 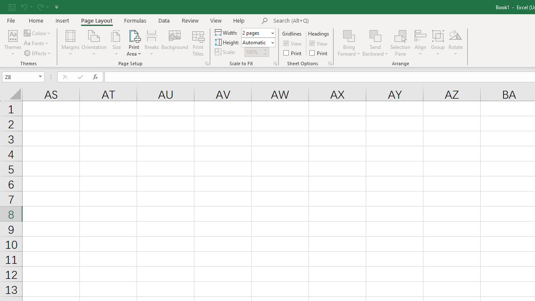 I want to click on 'Width', so click(x=255, y=32).